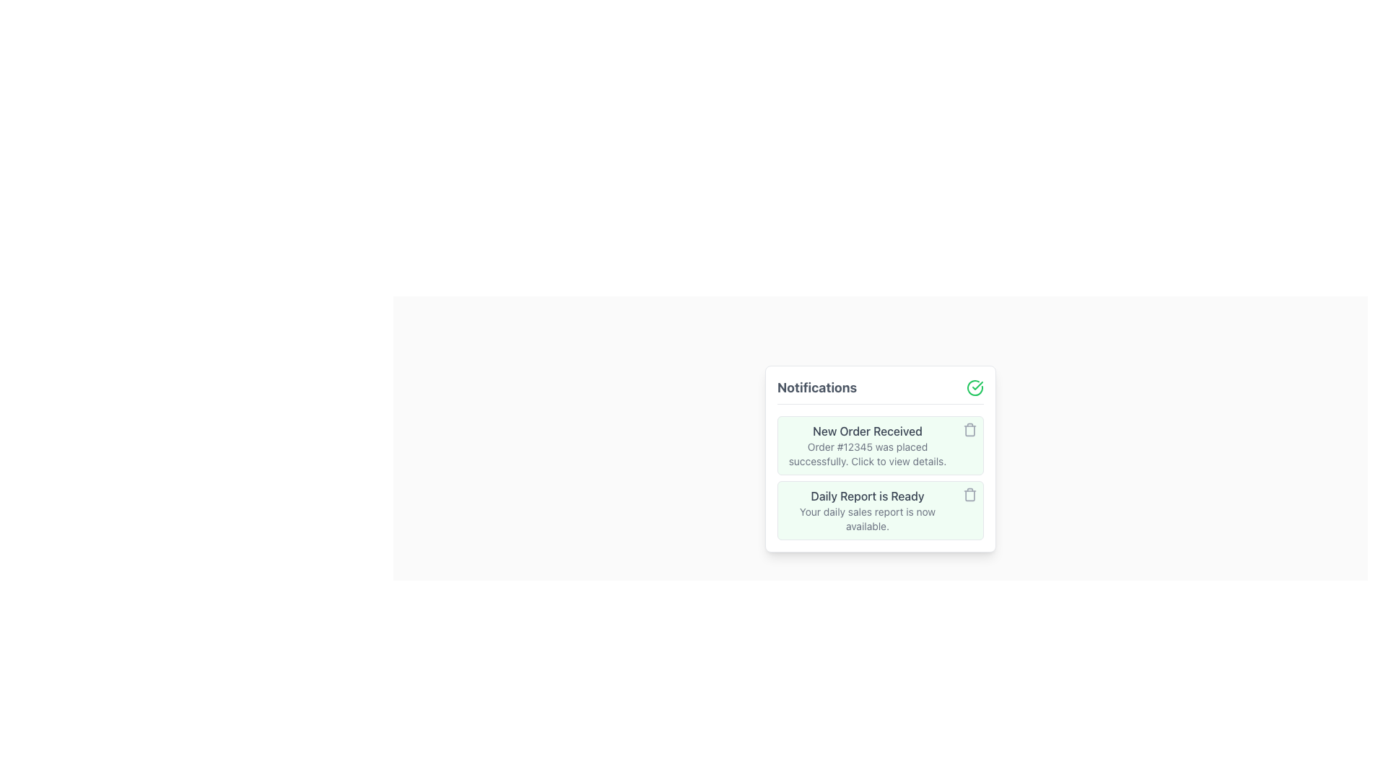  Describe the element at coordinates (970, 494) in the screenshot. I see `the trash can icon button located in the bottom-right corner of the 'Daily Report is Ready' notification box, which changes color from gray to red when hovered over` at that location.